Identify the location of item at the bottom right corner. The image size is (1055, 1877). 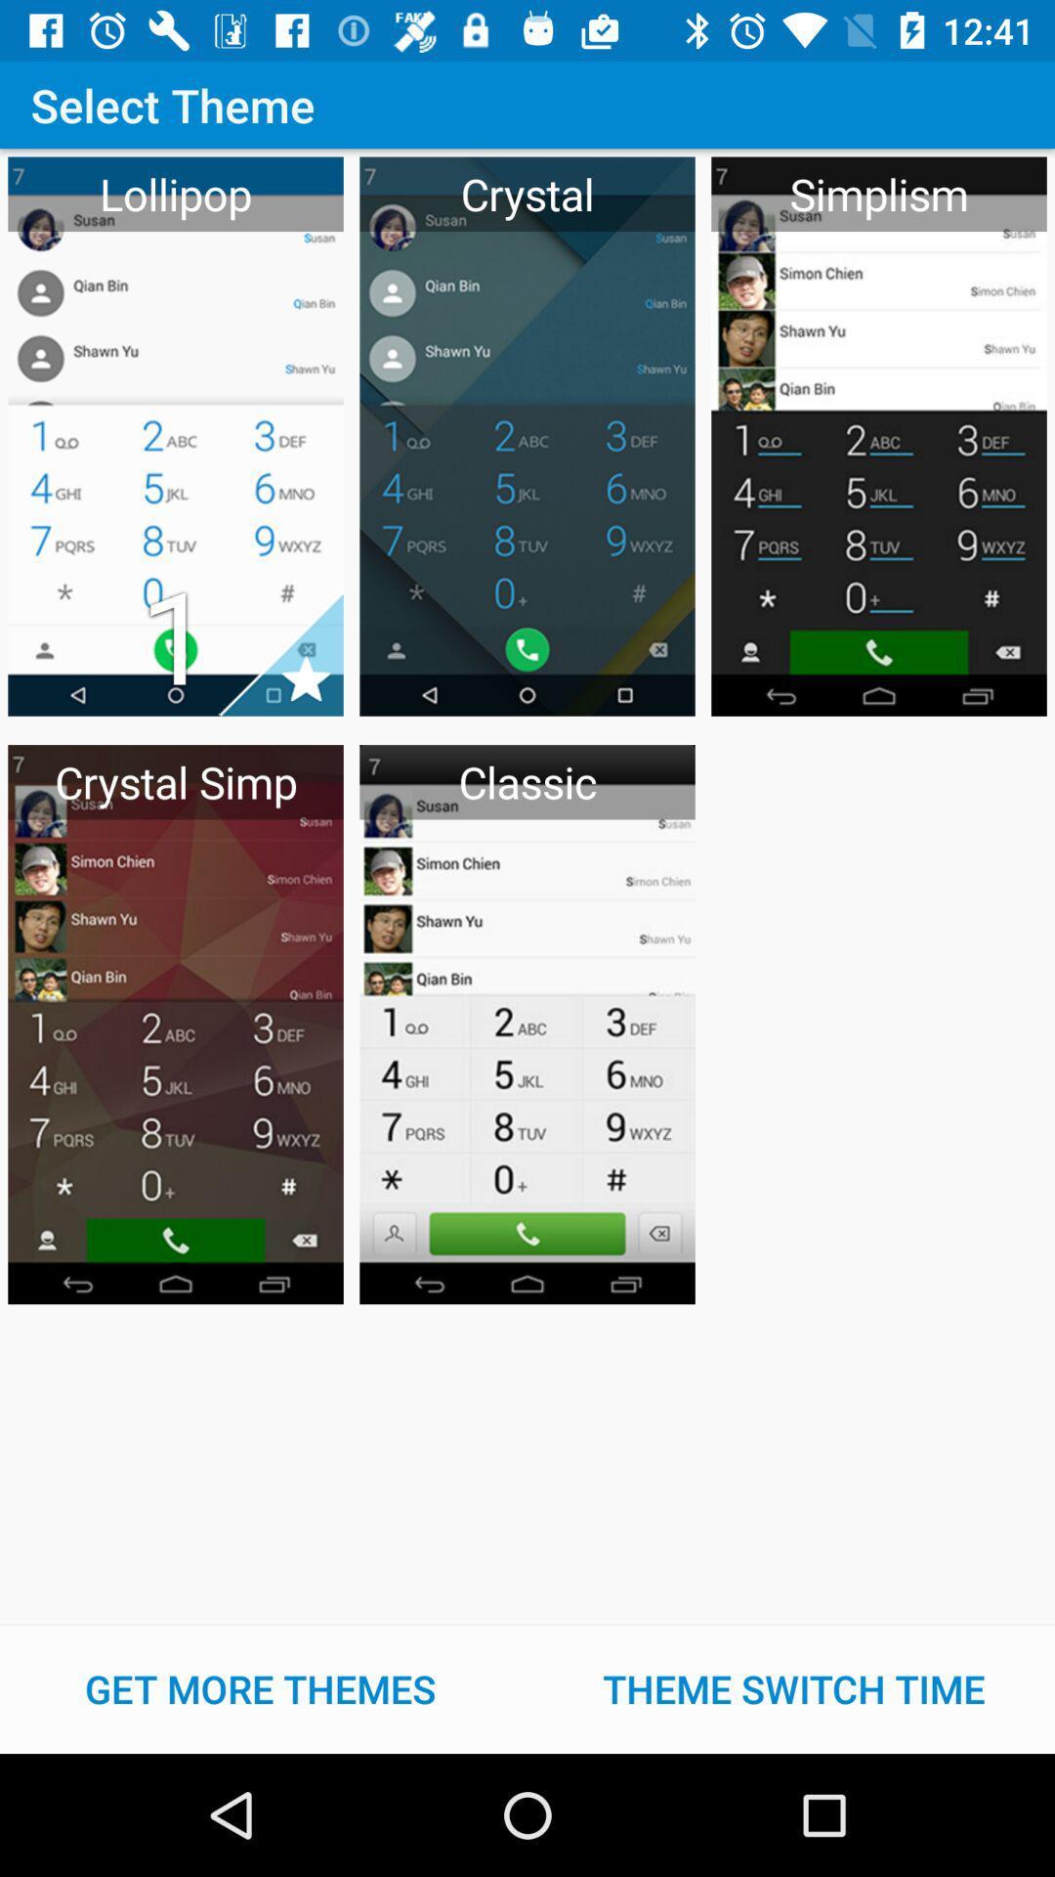
(794, 1688).